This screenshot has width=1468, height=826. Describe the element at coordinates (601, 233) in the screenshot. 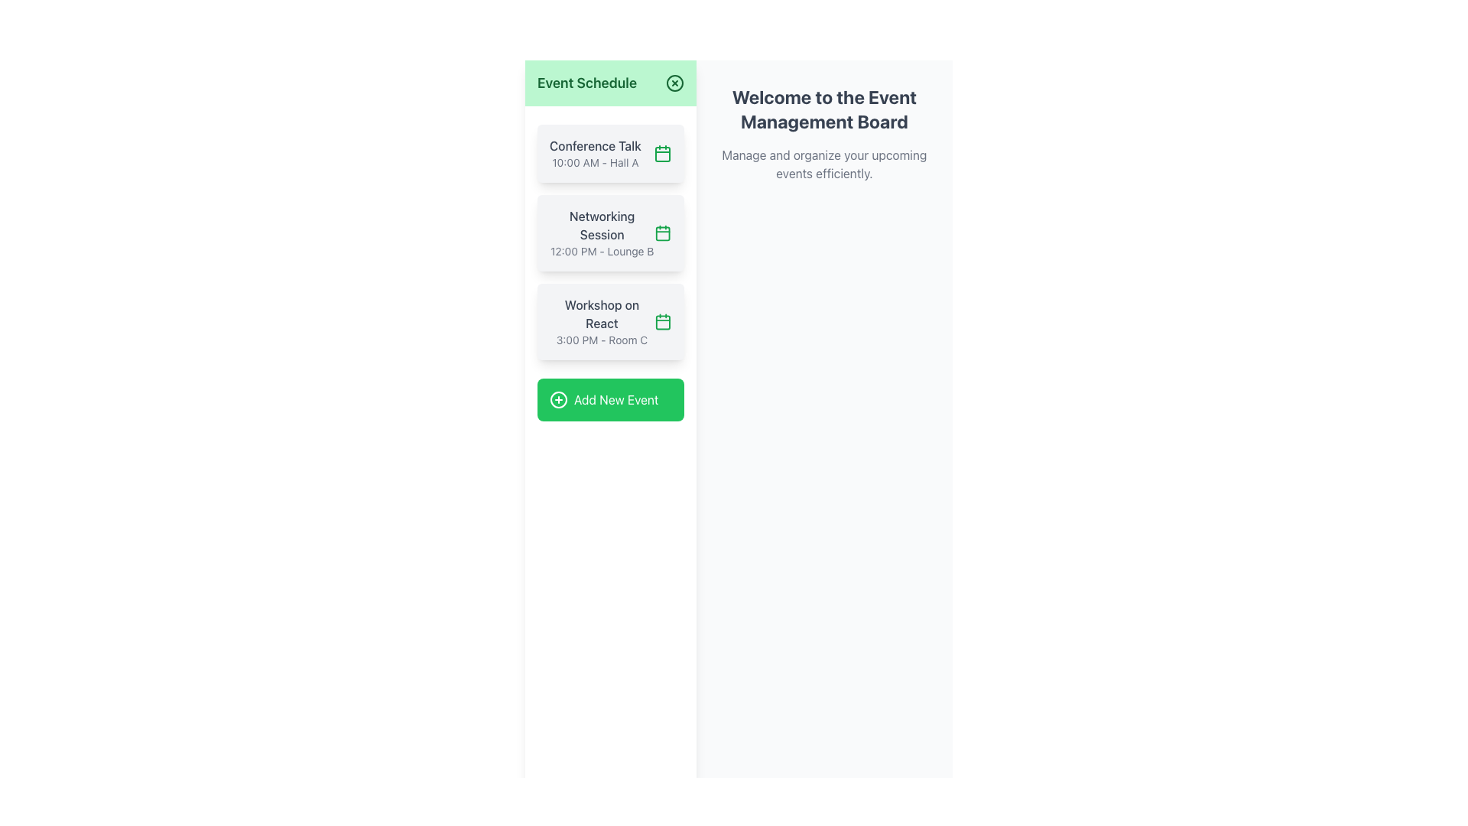

I see `the Text Display element that shows the title 'Networking Session', which is the second item in the vertical list of event cards in the left-hand sidebar` at that location.